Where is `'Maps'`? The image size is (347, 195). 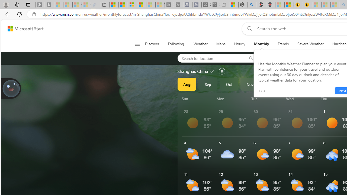 'Maps' is located at coordinates (221, 44).